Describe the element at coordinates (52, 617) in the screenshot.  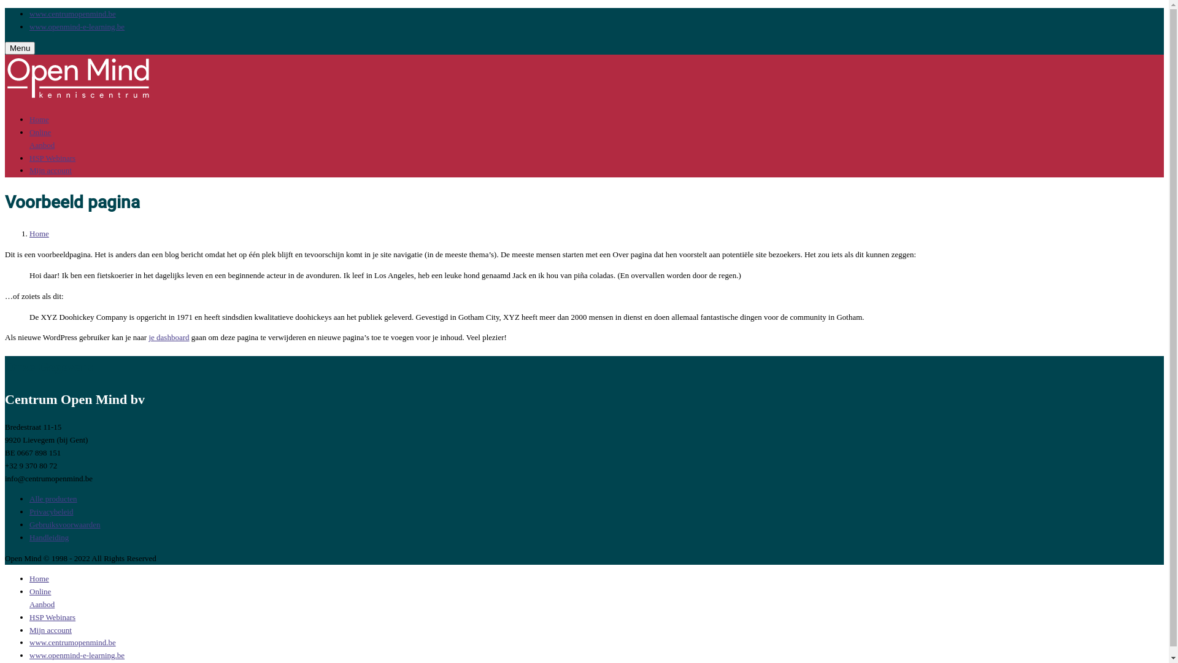
I see `'HSP Webinars'` at that location.